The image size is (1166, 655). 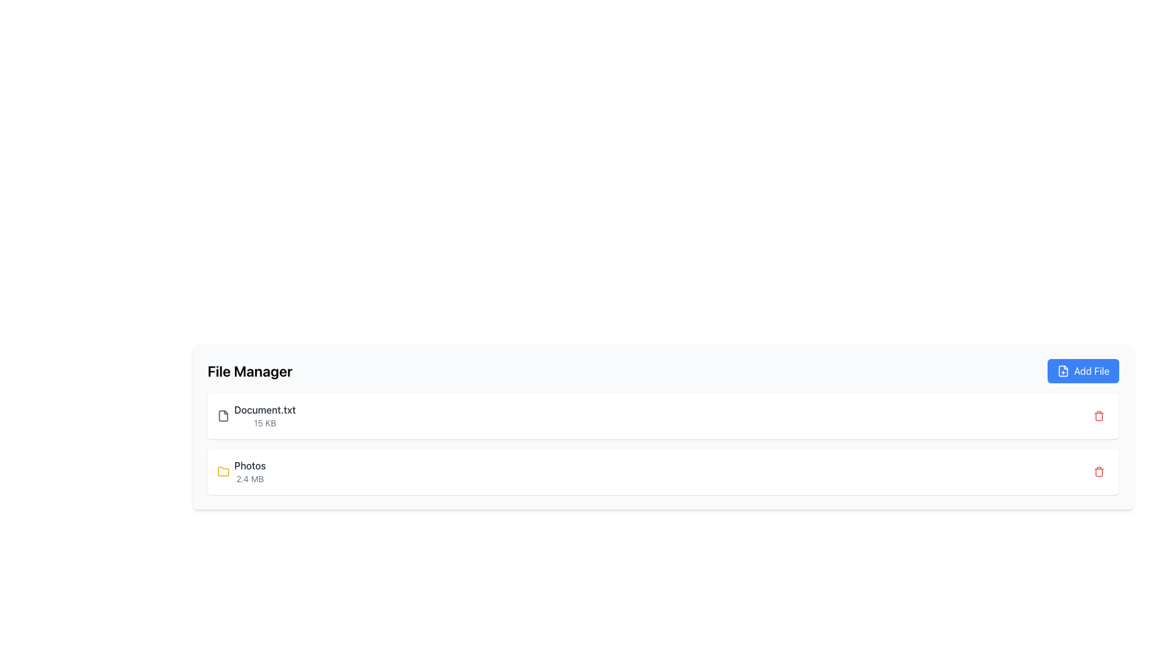 What do you see at coordinates (264, 409) in the screenshot?
I see `the file name text label located at the first entry of the file management view` at bounding box center [264, 409].